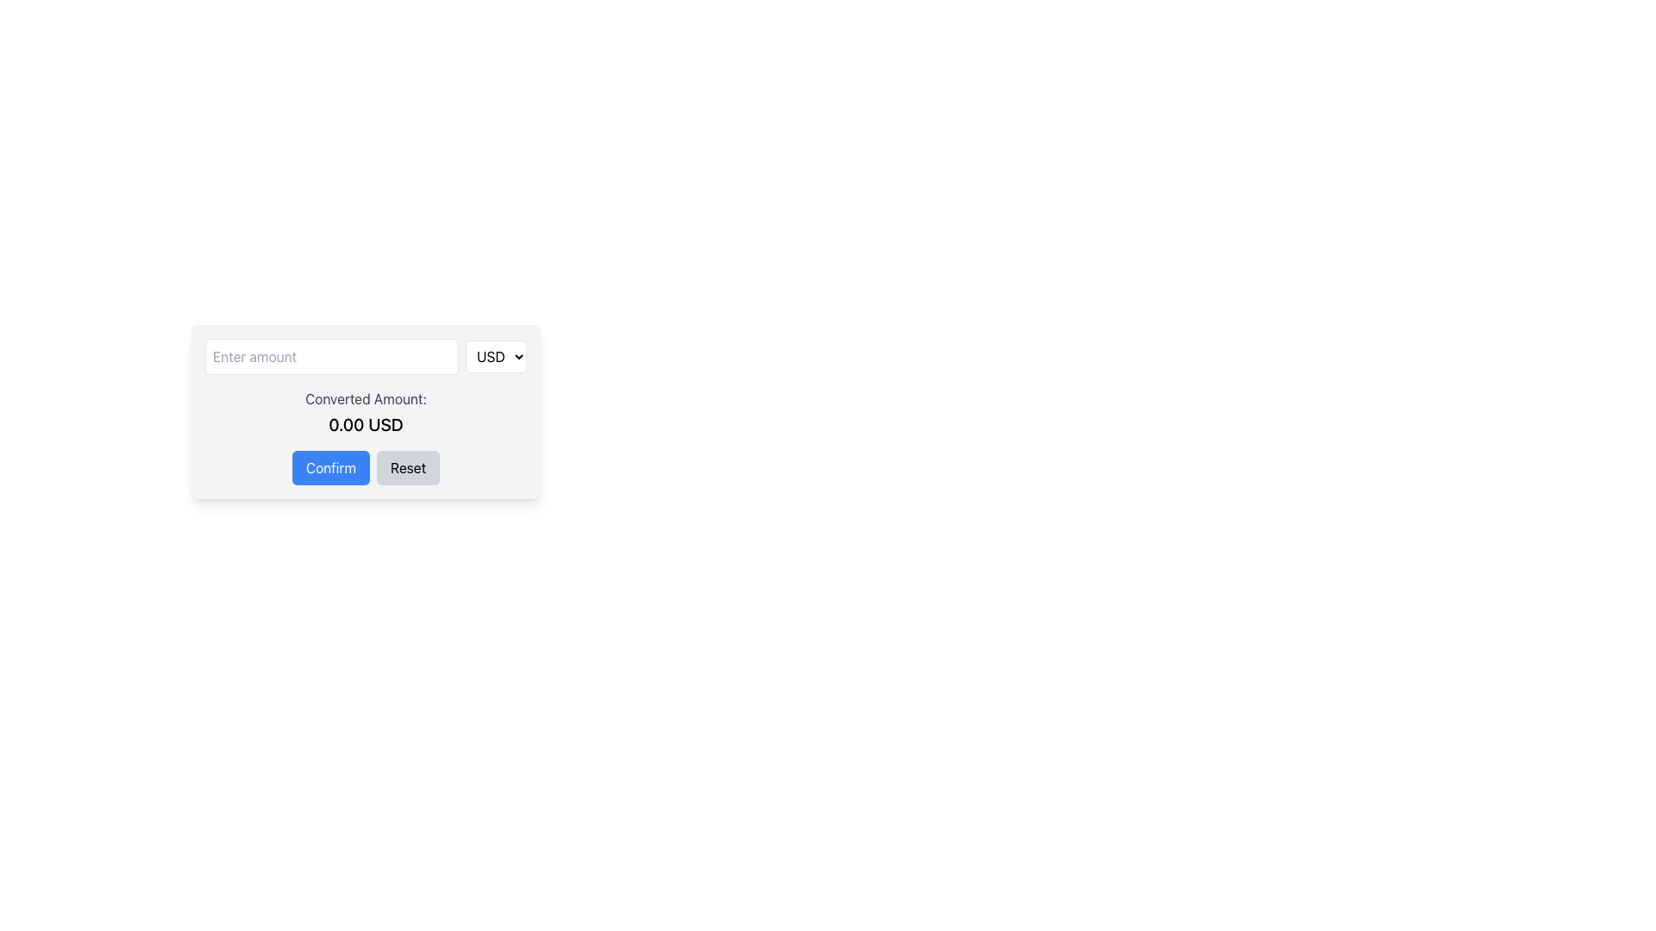  Describe the element at coordinates (365, 412) in the screenshot. I see `the informational text block displaying 'Converted Amount:' and '0.00 USD', which is centrally positioned below a dropdown input field and above the 'Confirm' and 'Reset' buttons` at that location.